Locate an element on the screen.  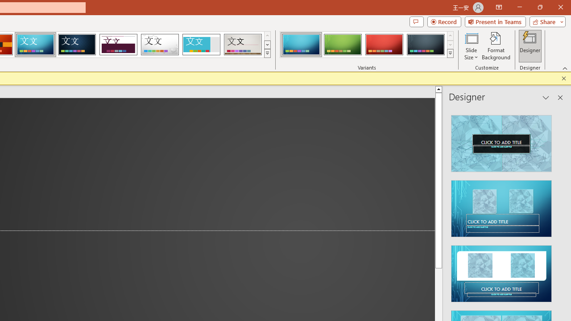
'Collapse the Ribbon' is located at coordinates (565, 68).